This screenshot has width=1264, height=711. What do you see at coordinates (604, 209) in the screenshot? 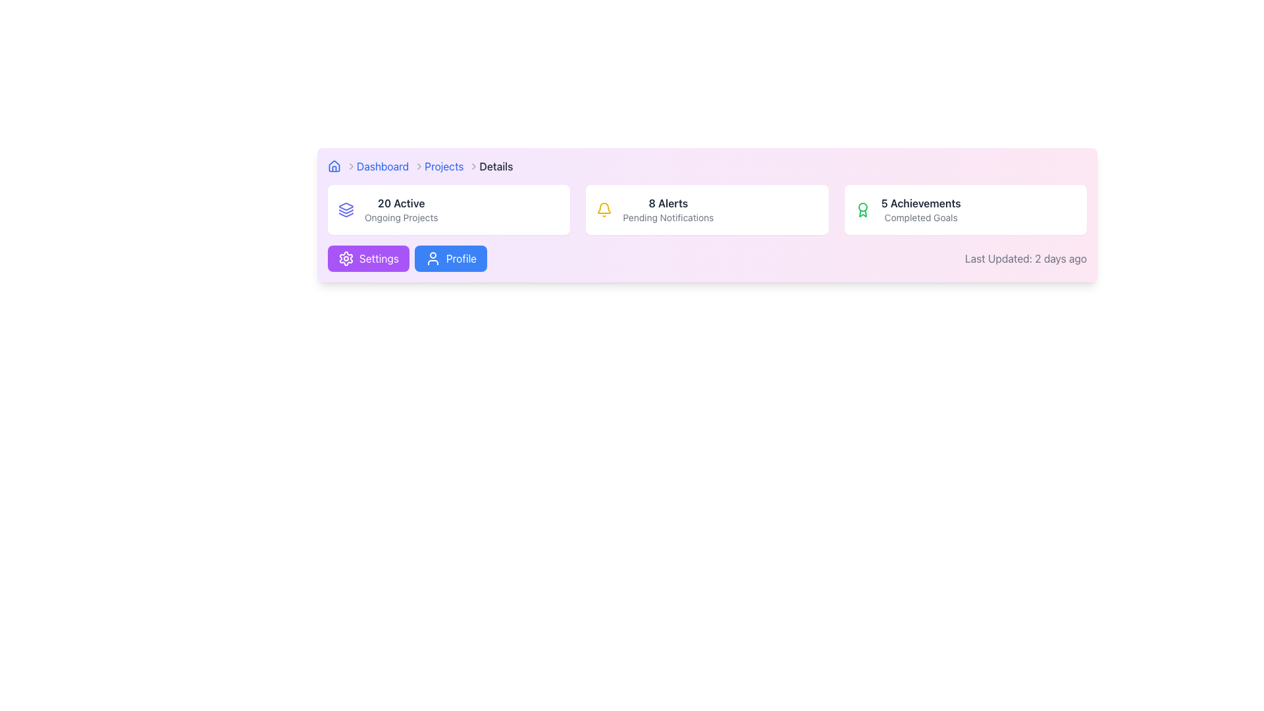
I see `the bell-shaped yellow icon located within the card labeled '8 Alerts' at the specified coordinates` at bounding box center [604, 209].